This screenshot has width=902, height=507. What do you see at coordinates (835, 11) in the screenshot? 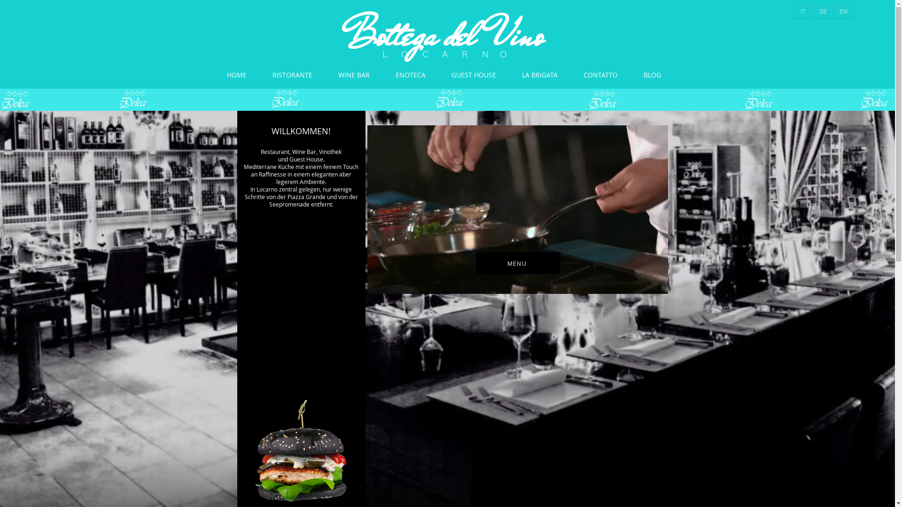
I see `'EN'` at bounding box center [835, 11].